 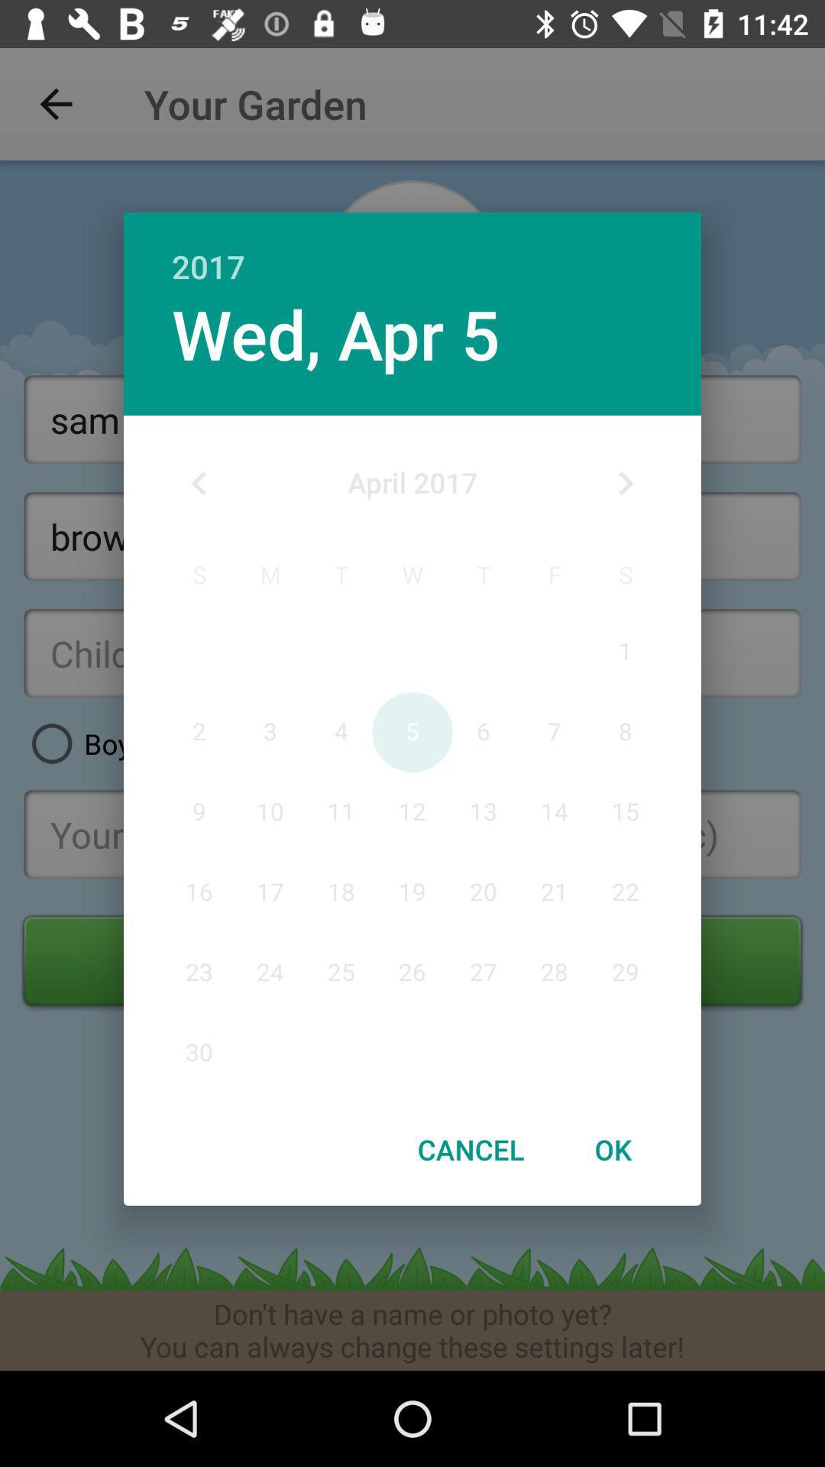 I want to click on item to the right of the cancel, so click(x=612, y=1149).